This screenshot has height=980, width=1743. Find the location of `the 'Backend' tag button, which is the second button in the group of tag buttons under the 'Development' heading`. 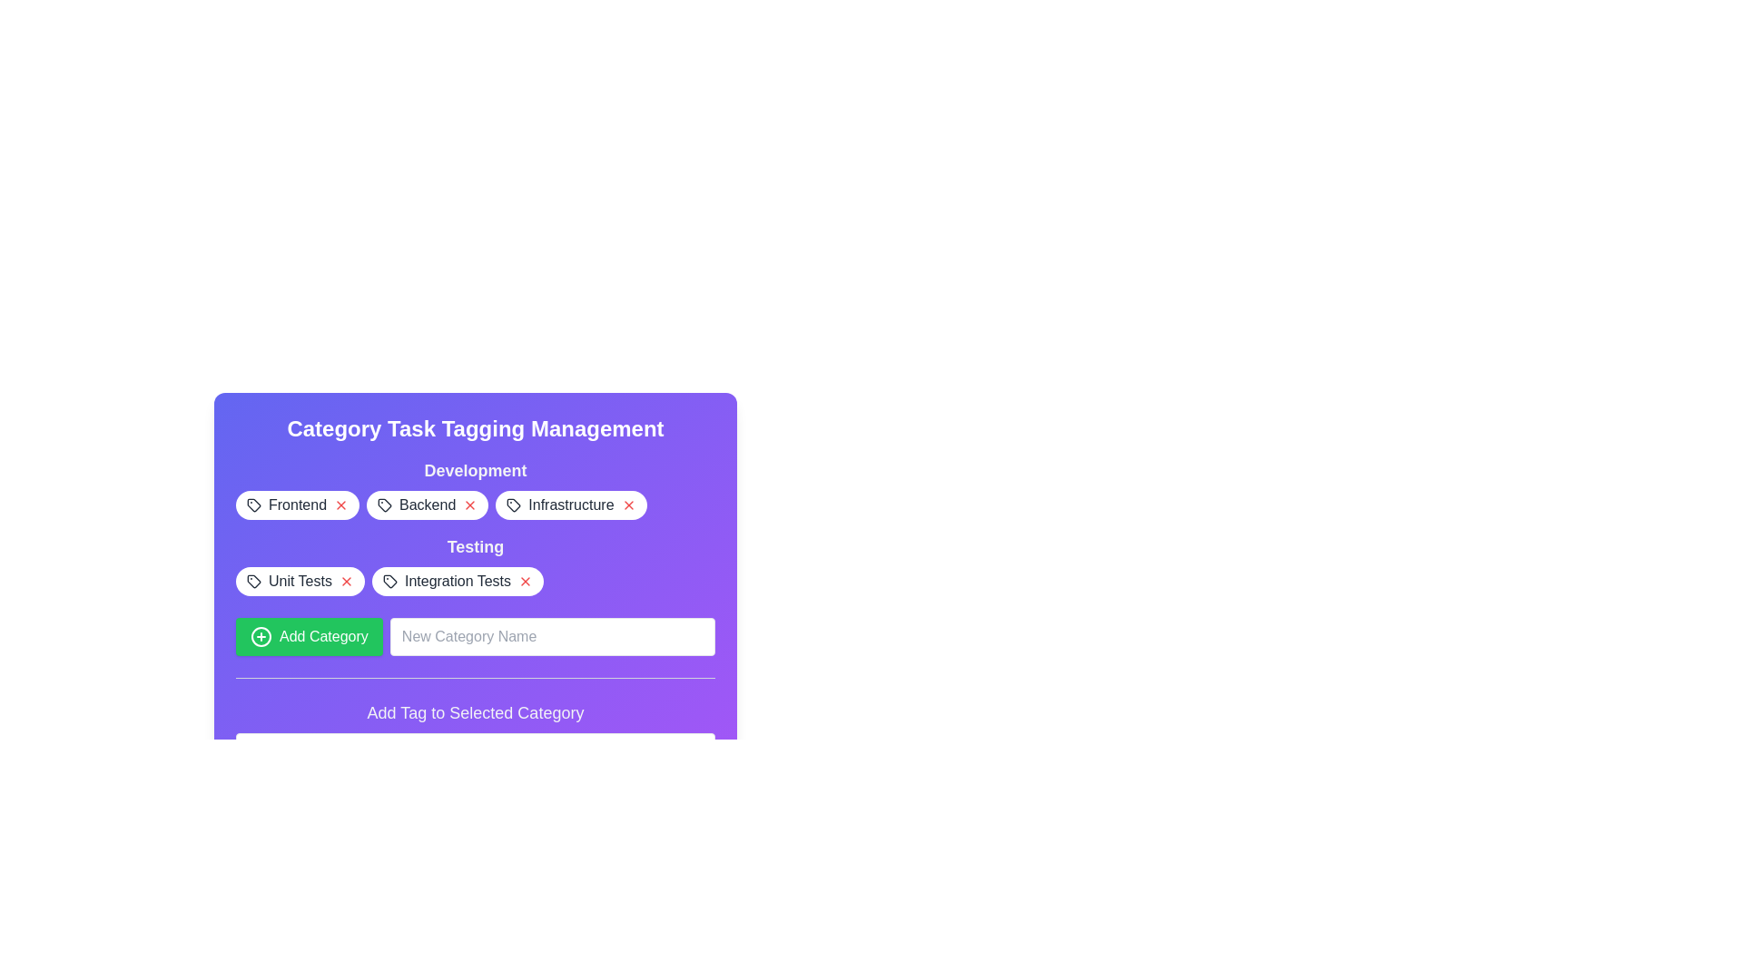

the 'Backend' tag button, which is the second button in the group of tag buttons under the 'Development' heading is located at coordinates (475, 505).